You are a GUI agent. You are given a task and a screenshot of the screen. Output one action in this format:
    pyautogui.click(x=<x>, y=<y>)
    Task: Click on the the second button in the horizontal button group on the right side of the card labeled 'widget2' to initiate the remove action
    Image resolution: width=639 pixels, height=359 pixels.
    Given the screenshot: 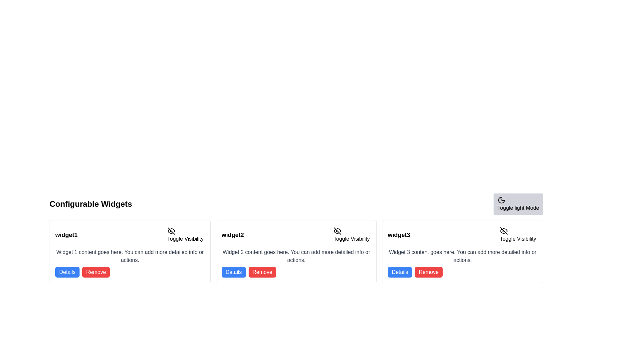 What is the action you would take?
    pyautogui.click(x=262, y=272)
    